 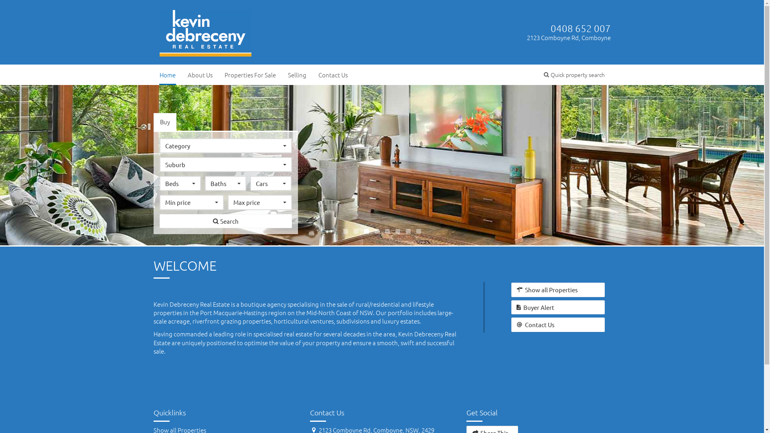 What do you see at coordinates (271, 183) in the screenshot?
I see `'Cars` at bounding box center [271, 183].